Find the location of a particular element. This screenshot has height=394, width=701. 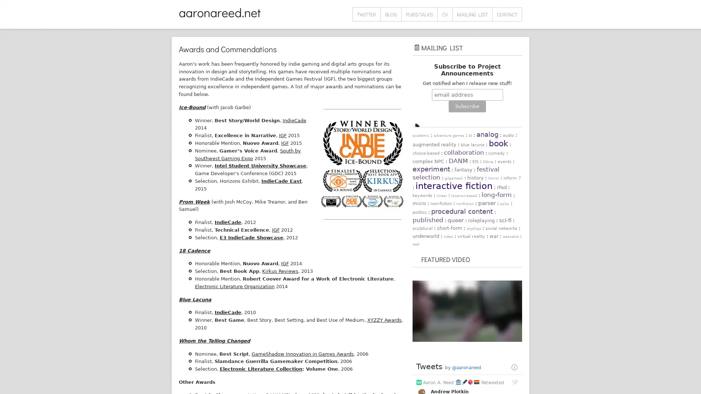

Subscribe is located at coordinates (467, 107).